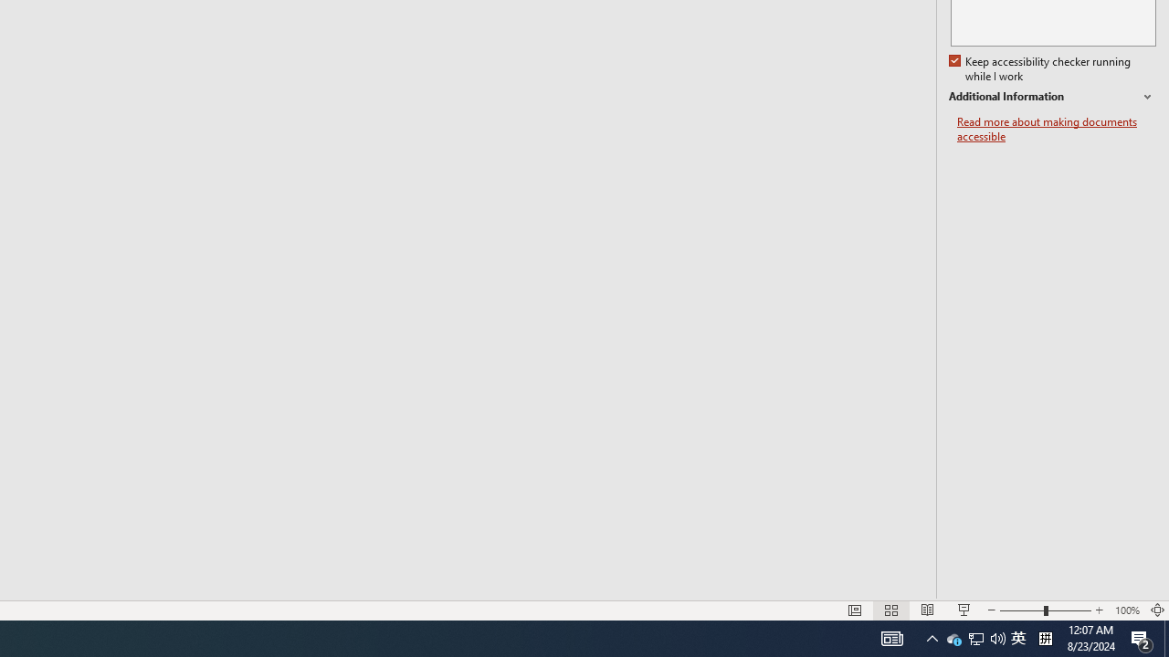  I want to click on 'Additional Information', so click(1052, 97).